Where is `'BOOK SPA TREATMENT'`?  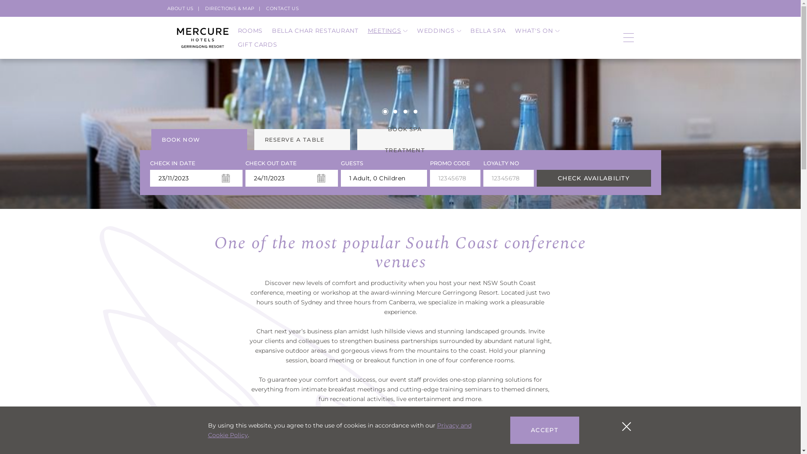
'BOOK SPA TREATMENT' is located at coordinates (405, 139).